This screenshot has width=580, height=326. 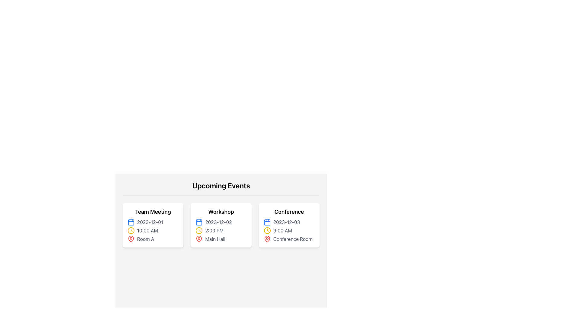 What do you see at coordinates (130, 222) in the screenshot?
I see `the calendar icon with a blue outline, positioned to the left of the text '2023-12-01' in the 'Team Meeting' event box` at bounding box center [130, 222].